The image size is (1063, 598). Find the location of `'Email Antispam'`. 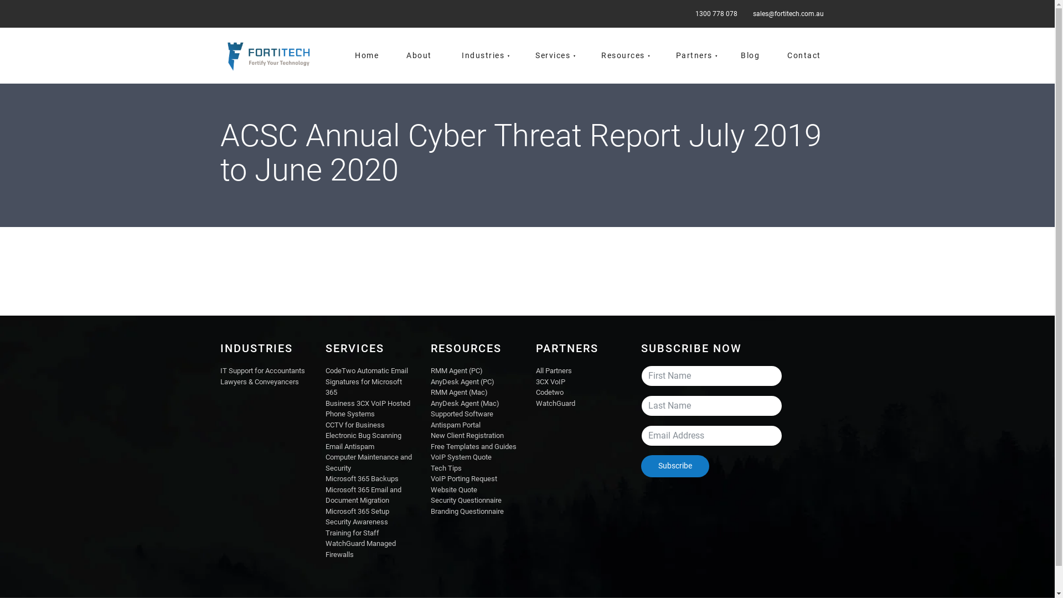

'Email Antispam' is located at coordinates (325, 446).